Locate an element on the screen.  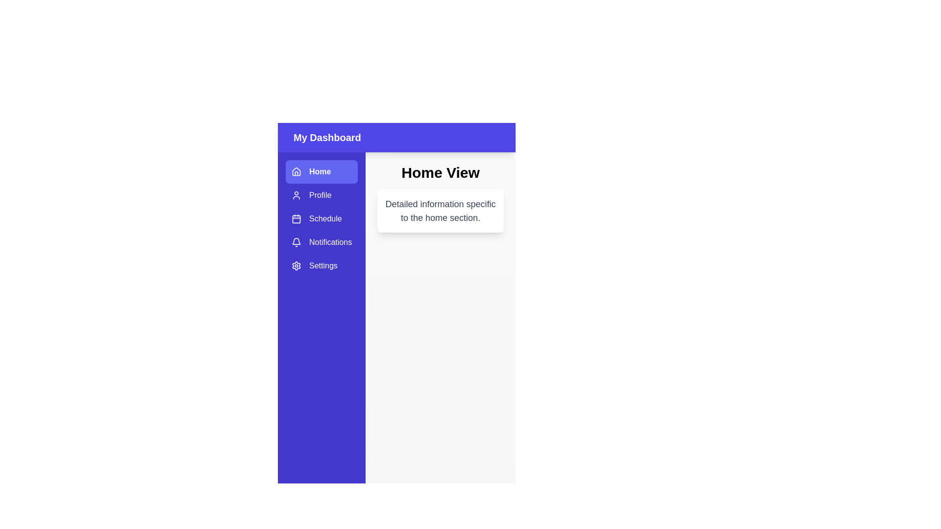
the sidebar item labeled Home to reveal its tooltip or highlight is located at coordinates (322, 171).